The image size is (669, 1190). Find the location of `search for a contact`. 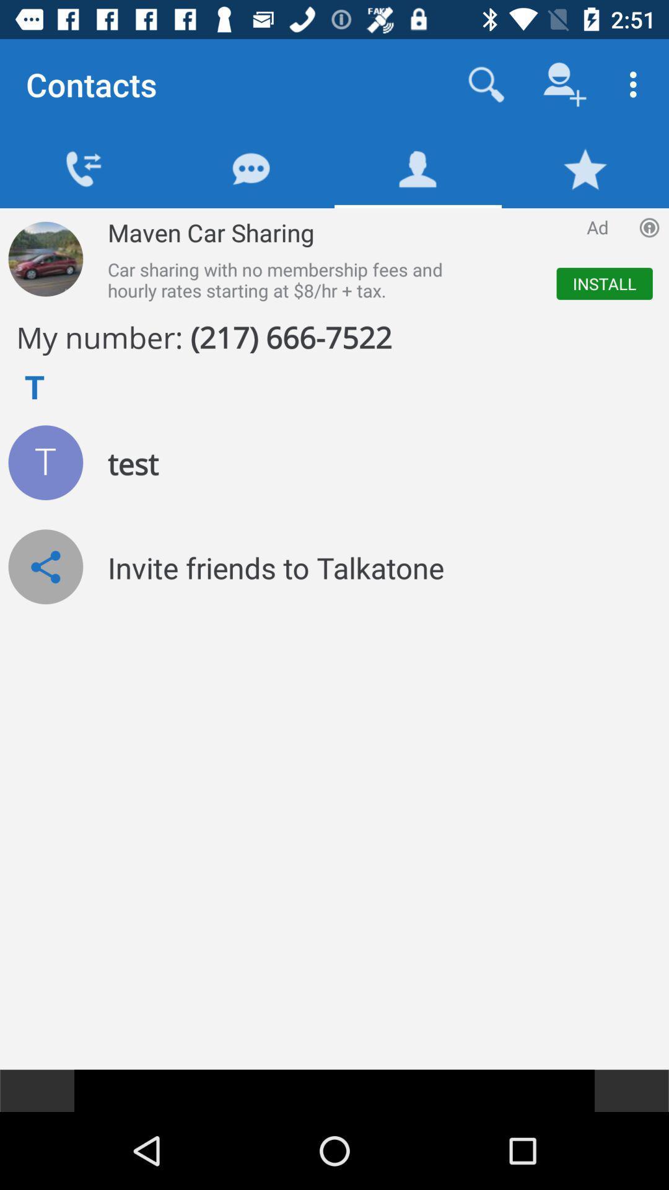

search for a contact is located at coordinates (486, 84).